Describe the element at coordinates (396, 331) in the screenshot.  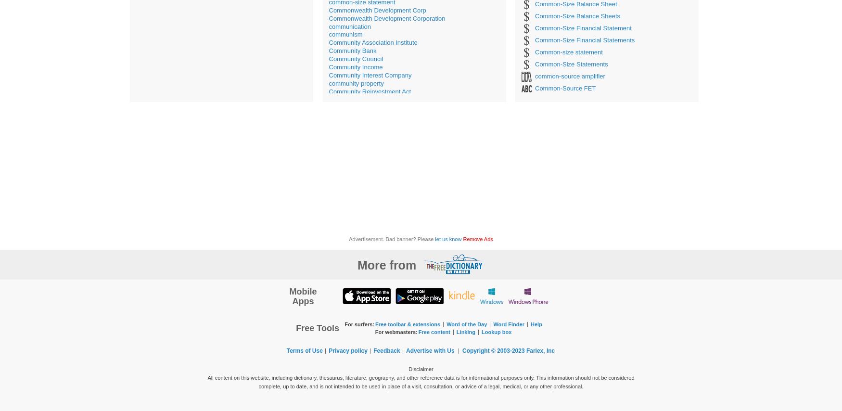
I see `'For webmasters:'` at that location.